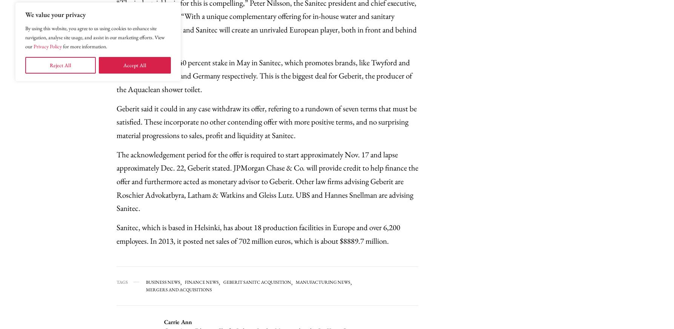 The image size is (674, 329). I want to click on 'Accept All', so click(134, 65).